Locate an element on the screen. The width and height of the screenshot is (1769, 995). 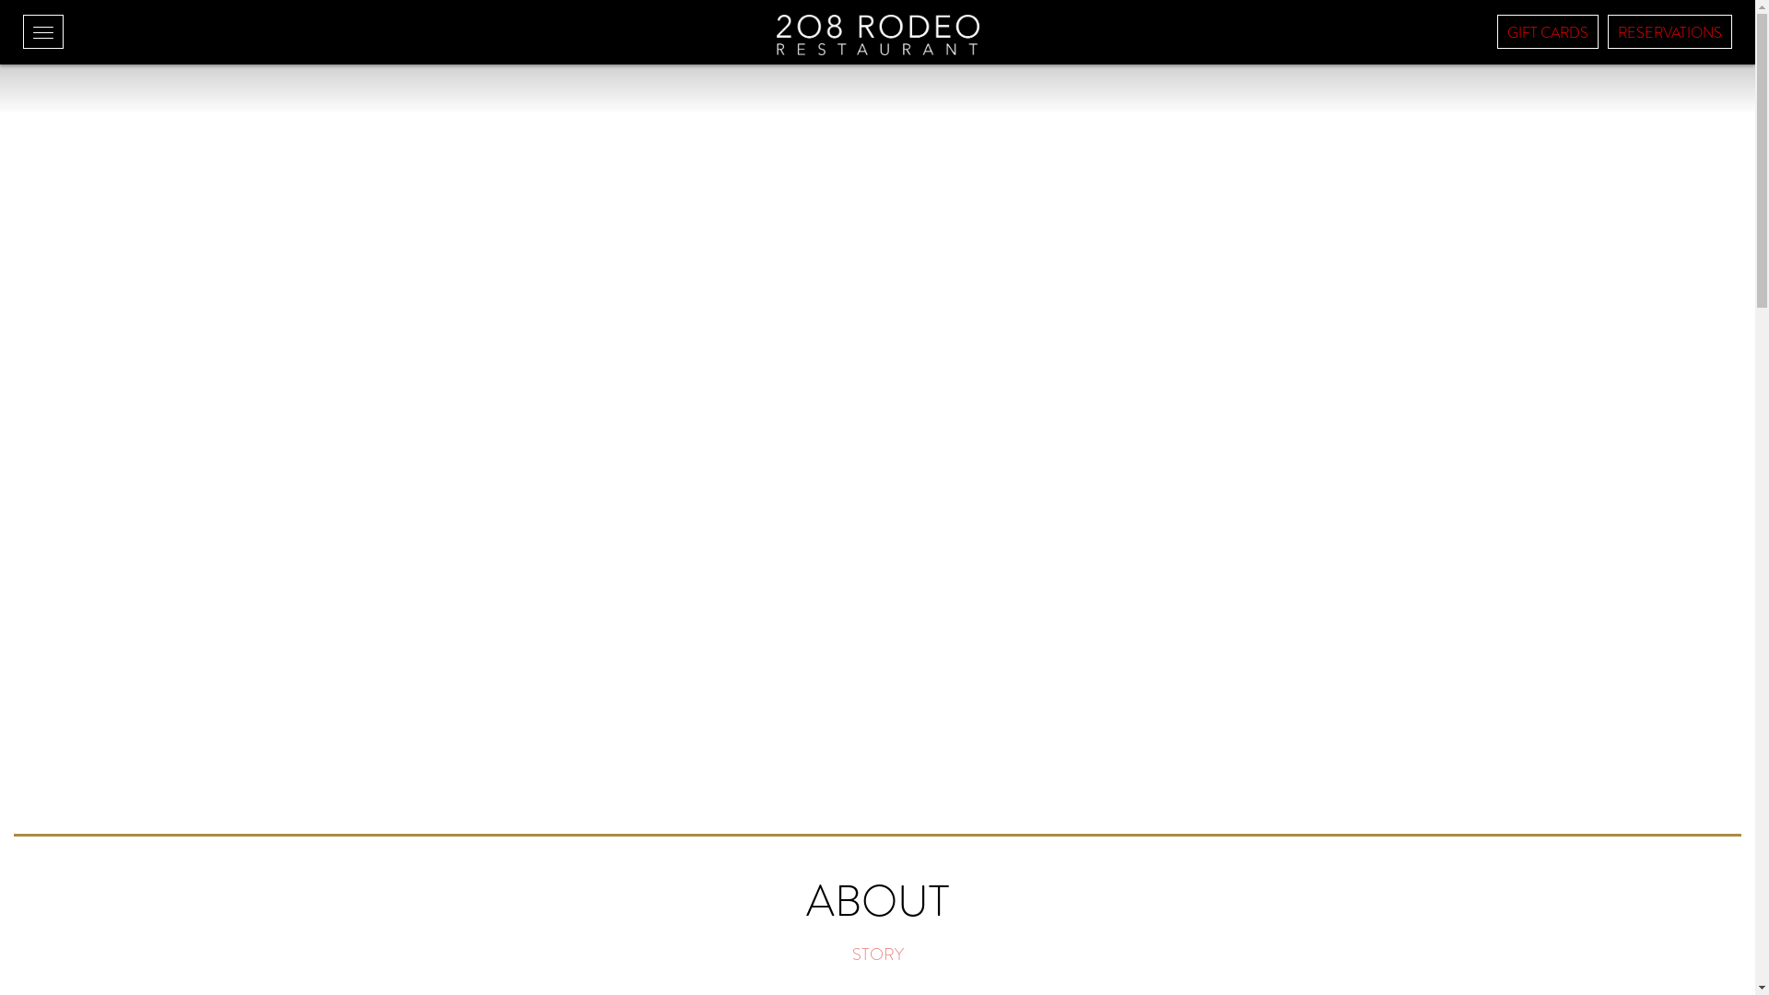
'STORY' is located at coordinates (875, 954).